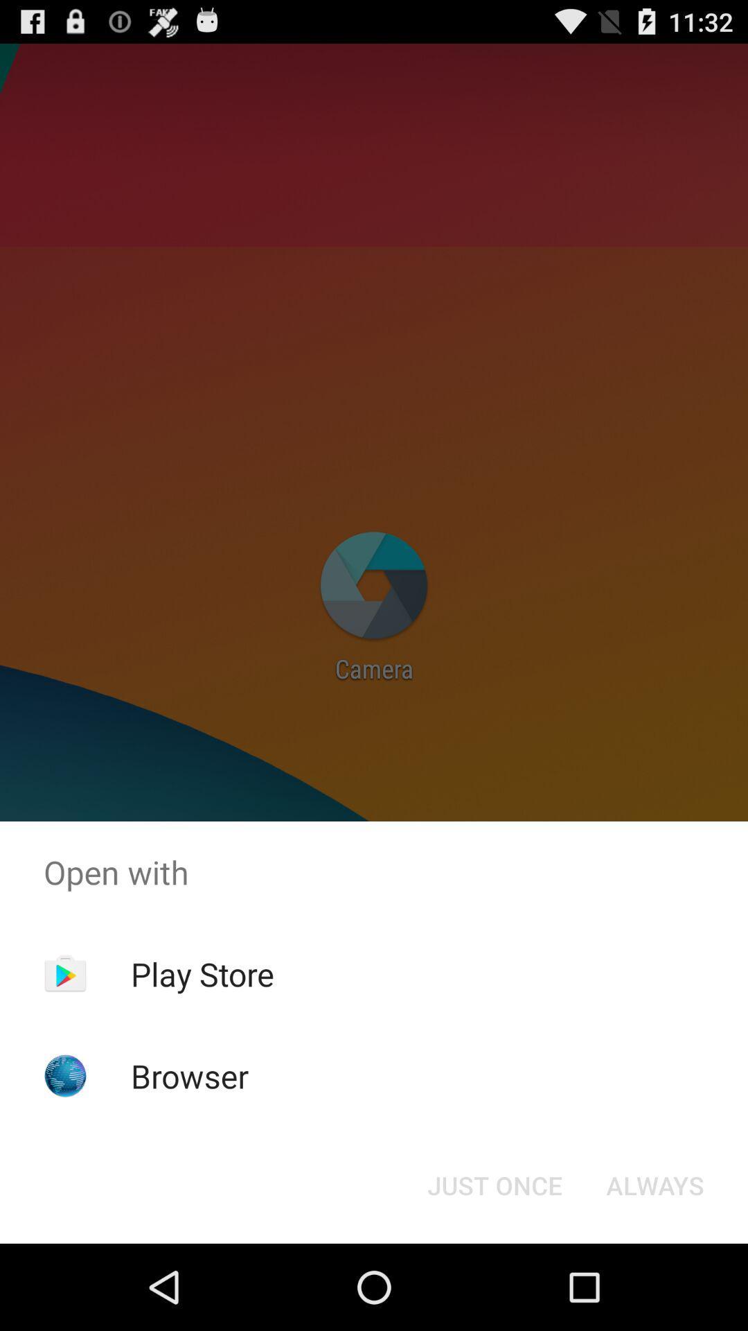  Describe the element at coordinates (190, 1075) in the screenshot. I see `browser app` at that location.